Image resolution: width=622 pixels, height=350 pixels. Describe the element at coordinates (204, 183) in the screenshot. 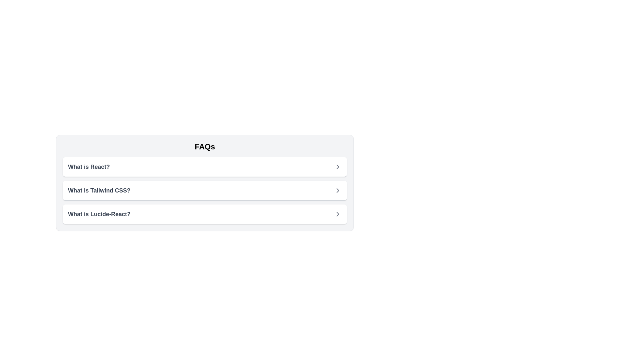

I see `the collapsible list entry in the frequently asked questions section` at that location.